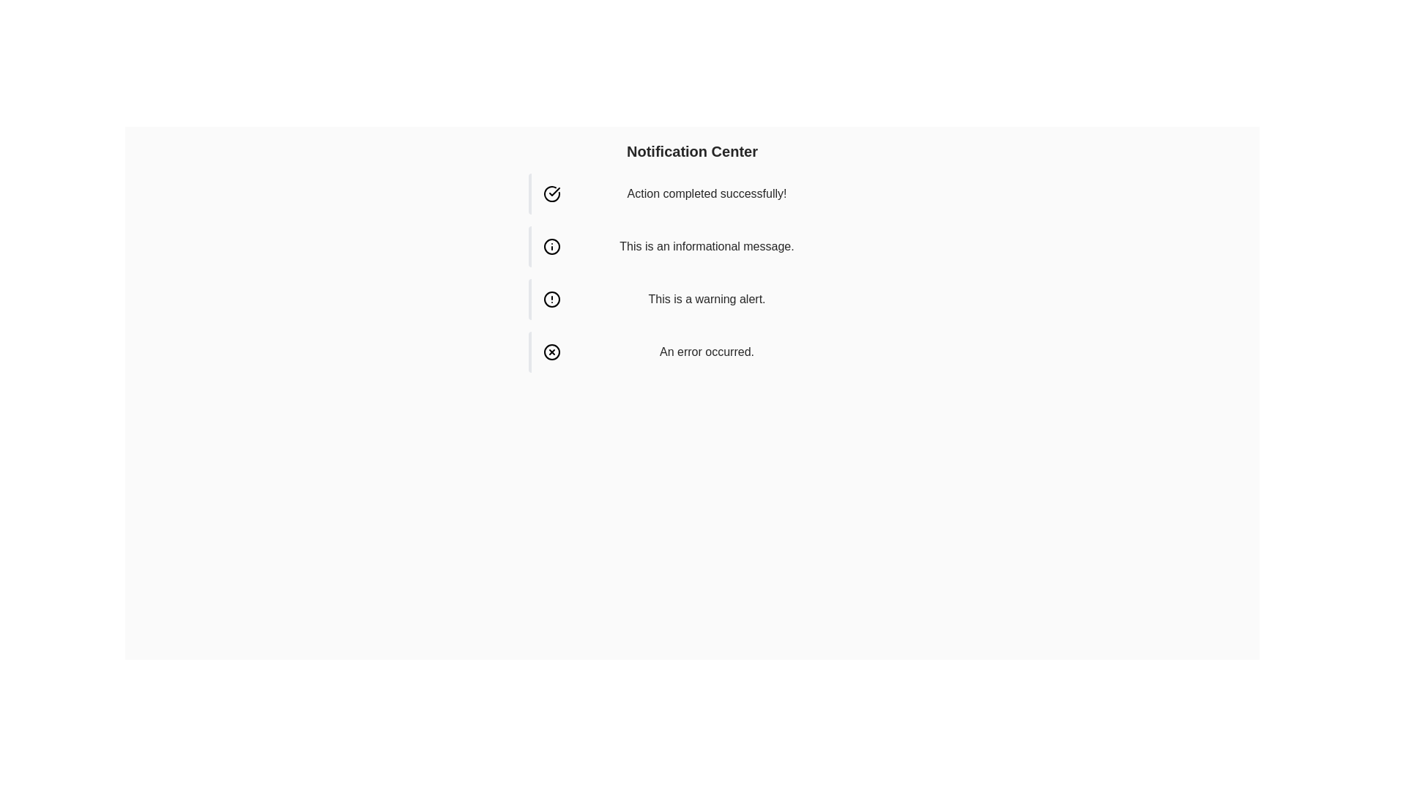 The image size is (1406, 791). I want to click on the SVG icon indicating a successful action, located to the left of the text 'Action completed successfully!' in the first notification item, so click(554, 191).